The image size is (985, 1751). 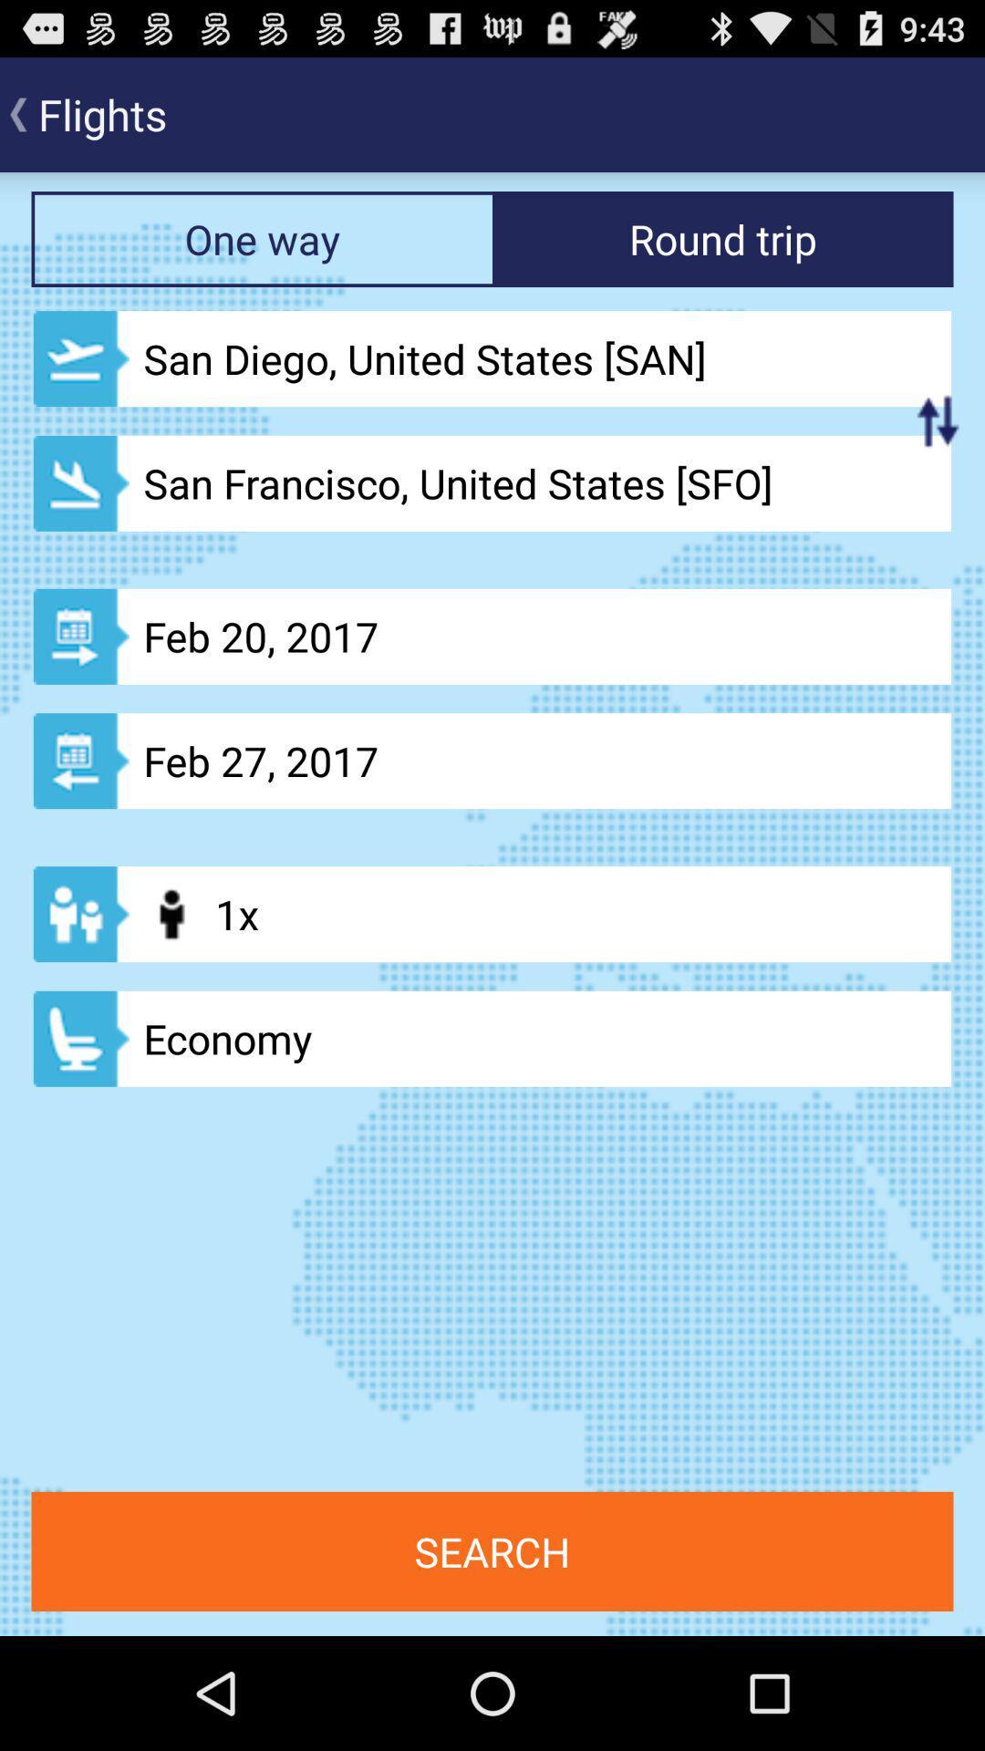 I want to click on the compare icon, so click(x=938, y=451).